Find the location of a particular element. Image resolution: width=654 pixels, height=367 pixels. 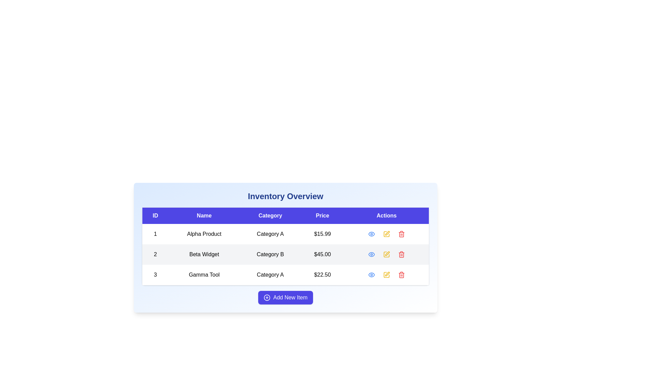

the delete button located in the last column under 'Actions' of the first row in the 'Inventory Overview' table is located at coordinates (402, 234).